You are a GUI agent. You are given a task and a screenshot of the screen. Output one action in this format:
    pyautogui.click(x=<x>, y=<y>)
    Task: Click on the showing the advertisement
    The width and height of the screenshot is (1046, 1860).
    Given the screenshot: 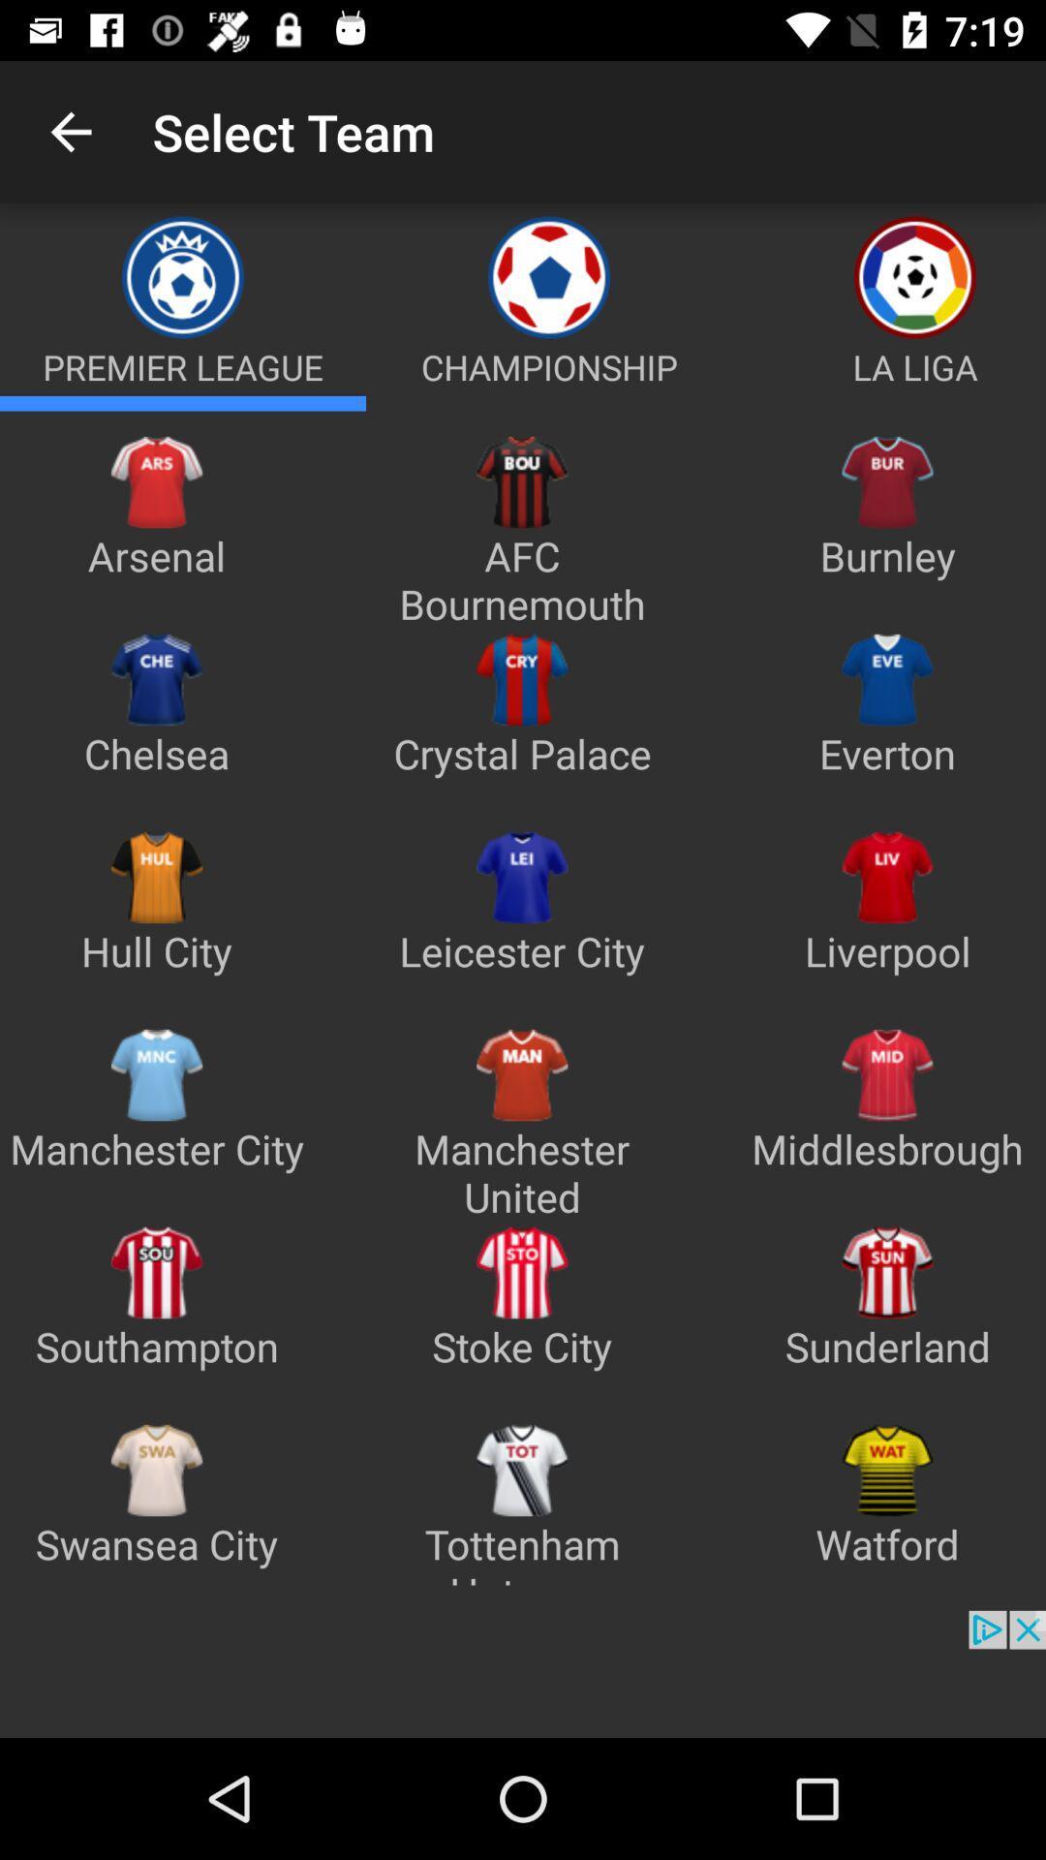 What is the action you would take?
    pyautogui.click(x=523, y=1673)
    